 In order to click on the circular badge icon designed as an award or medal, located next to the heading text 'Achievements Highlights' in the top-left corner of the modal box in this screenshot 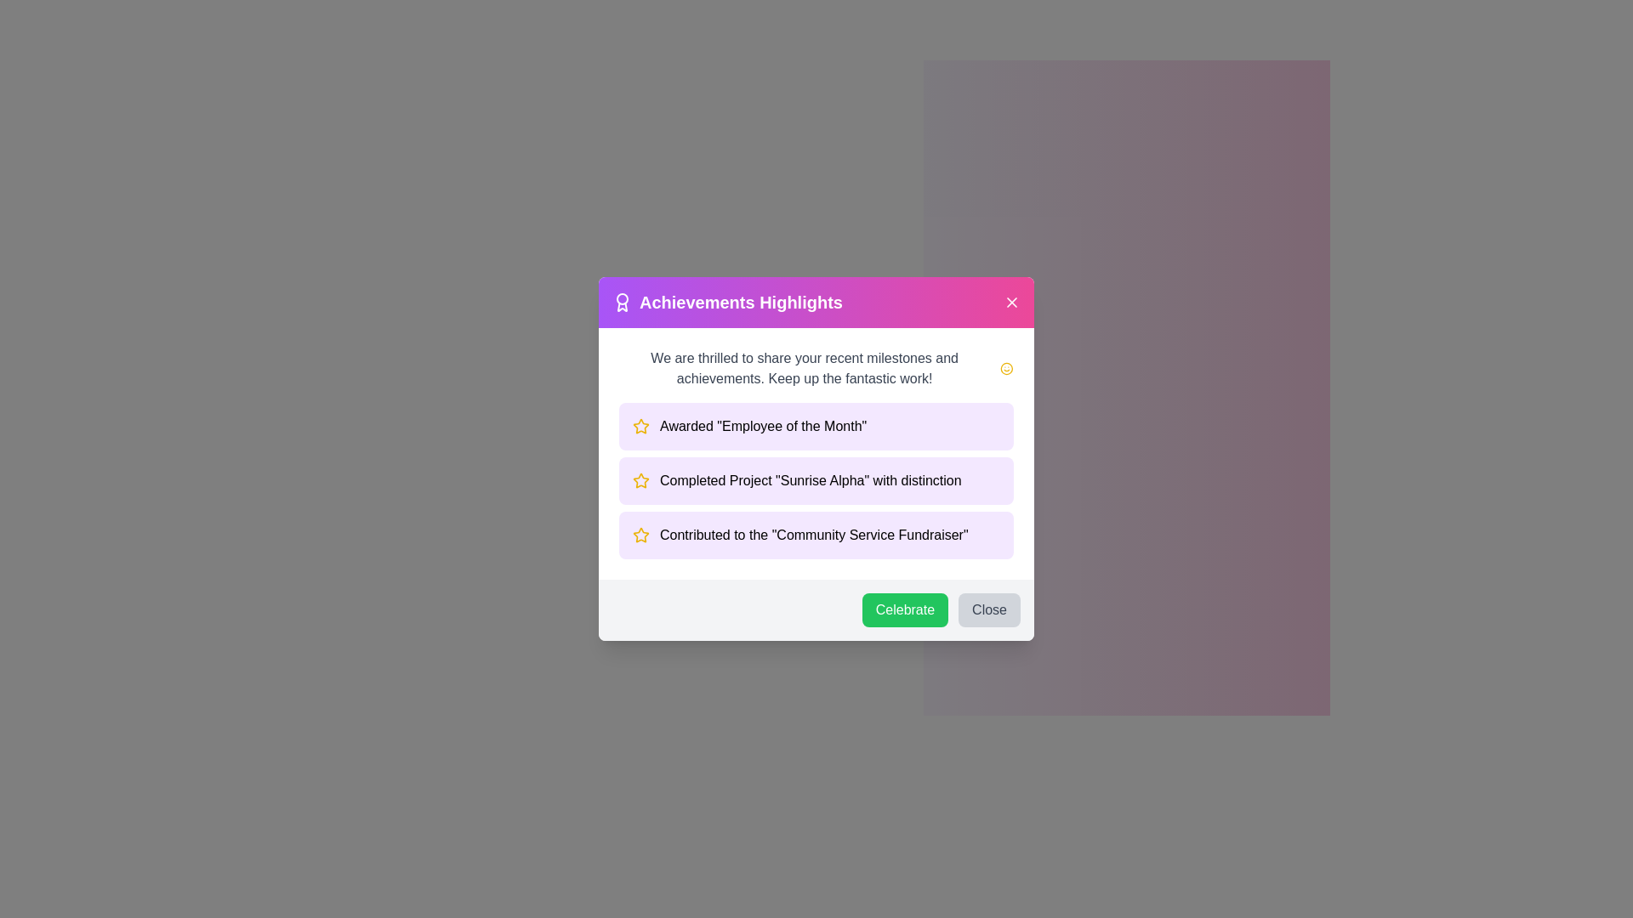, I will do `click(621, 301)`.